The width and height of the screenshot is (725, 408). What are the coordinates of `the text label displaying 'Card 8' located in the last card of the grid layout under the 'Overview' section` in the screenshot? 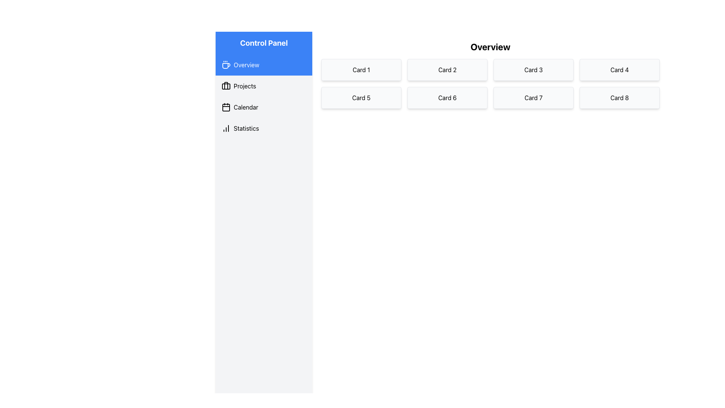 It's located at (620, 97).